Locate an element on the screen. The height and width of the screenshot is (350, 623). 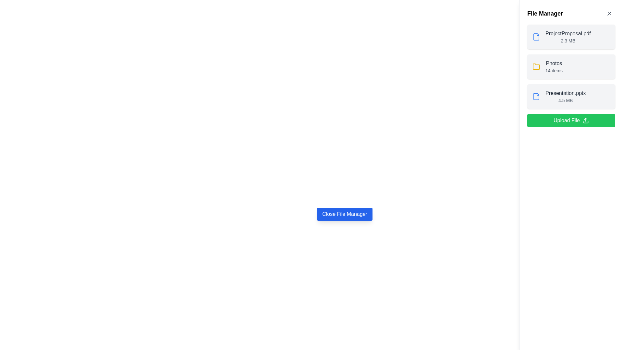
the text label displaying 'Presentation.pptx' located in the 'File Manager' panel, which is the third item in the list, between 'Photos' and 'Upload File' is located at coordinates (565, 93).